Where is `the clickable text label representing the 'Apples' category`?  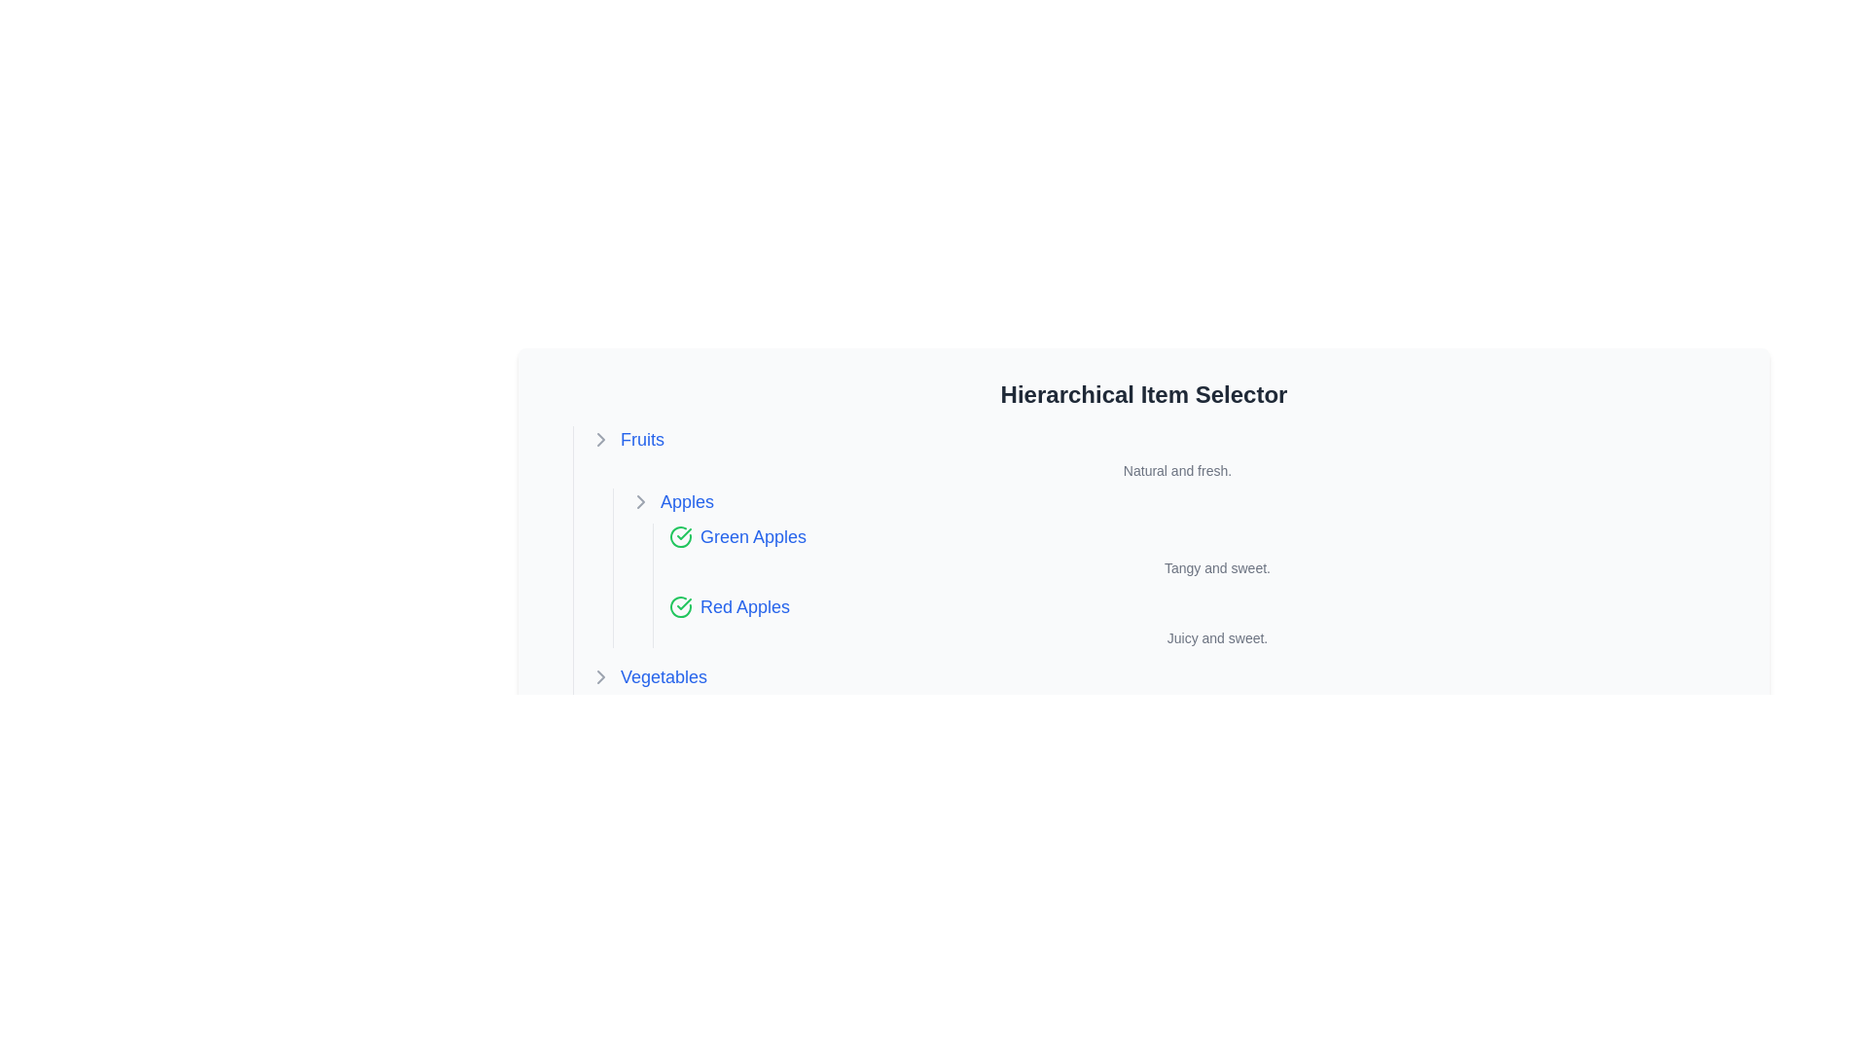
the clickable text label representing the 'Apples' category is located at coordinates (687, 501).